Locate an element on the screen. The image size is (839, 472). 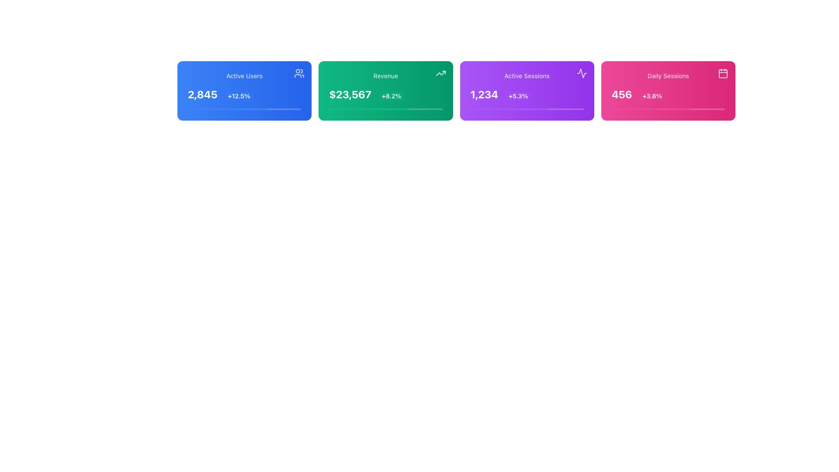
displayed percentage increase in revenue located to the right of the primary value '$23,567' inside the green card labeled 'Revenue' is located at coordinates (391, 96).